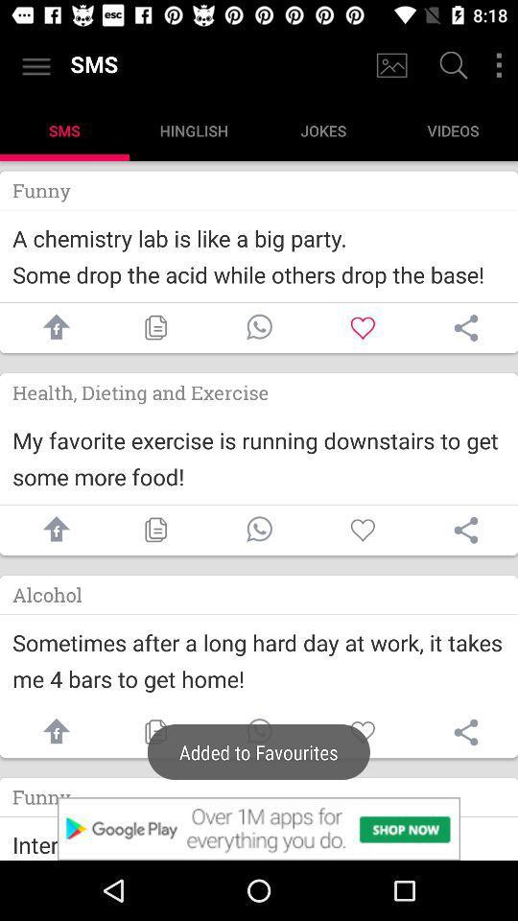 Image resolution: width=518 pixels, height=921 pixels. What do you see at coordinates (363, 530) in the screenshot?
I see `like the message` at bounding box center [363, 530].